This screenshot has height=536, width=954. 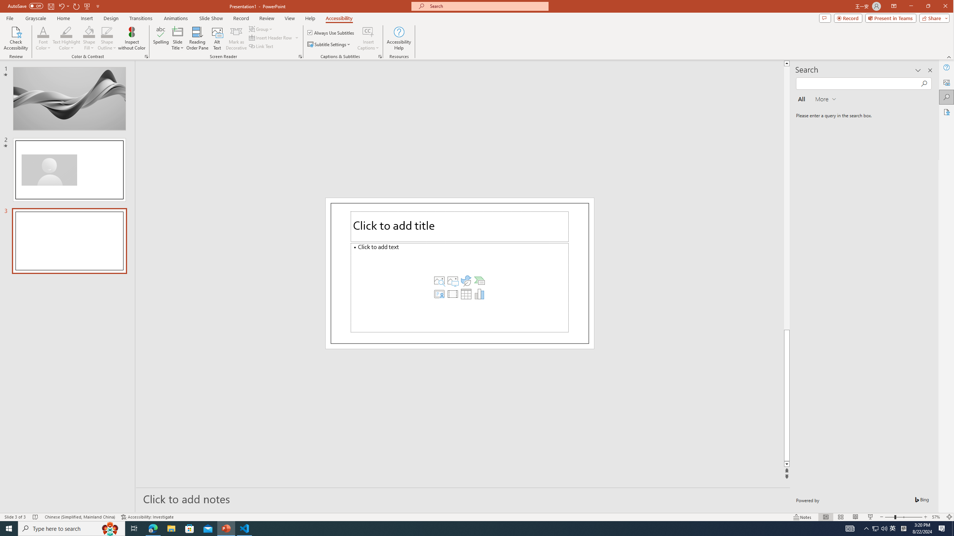 I want to click on 'Insert Chart', so click(x=479, y=293).